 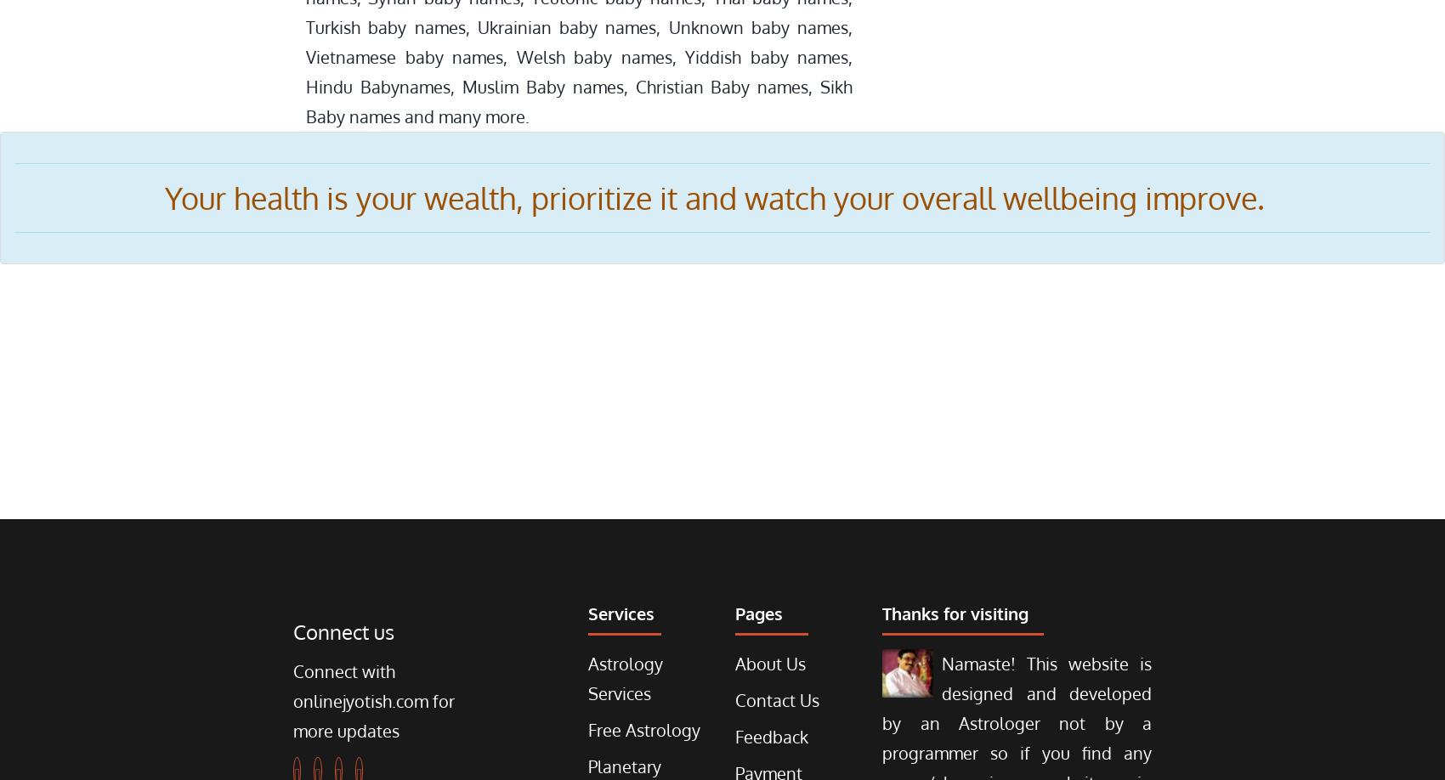 What do you see at coordinates (770, 735) in the screenshot?
I see `'Feedback'` at bounding box center [770, 735].